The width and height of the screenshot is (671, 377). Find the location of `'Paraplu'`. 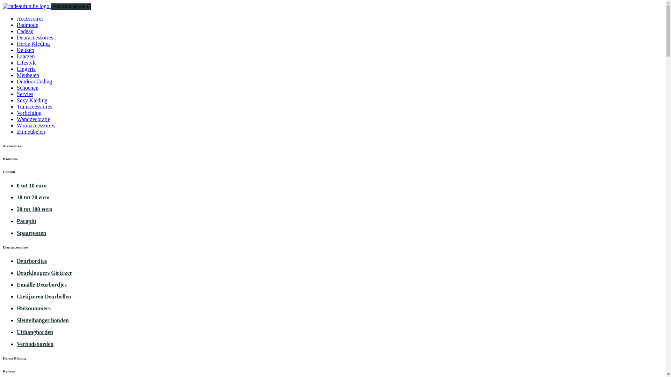

'Paraplu' is located at coordinates (26, 221).